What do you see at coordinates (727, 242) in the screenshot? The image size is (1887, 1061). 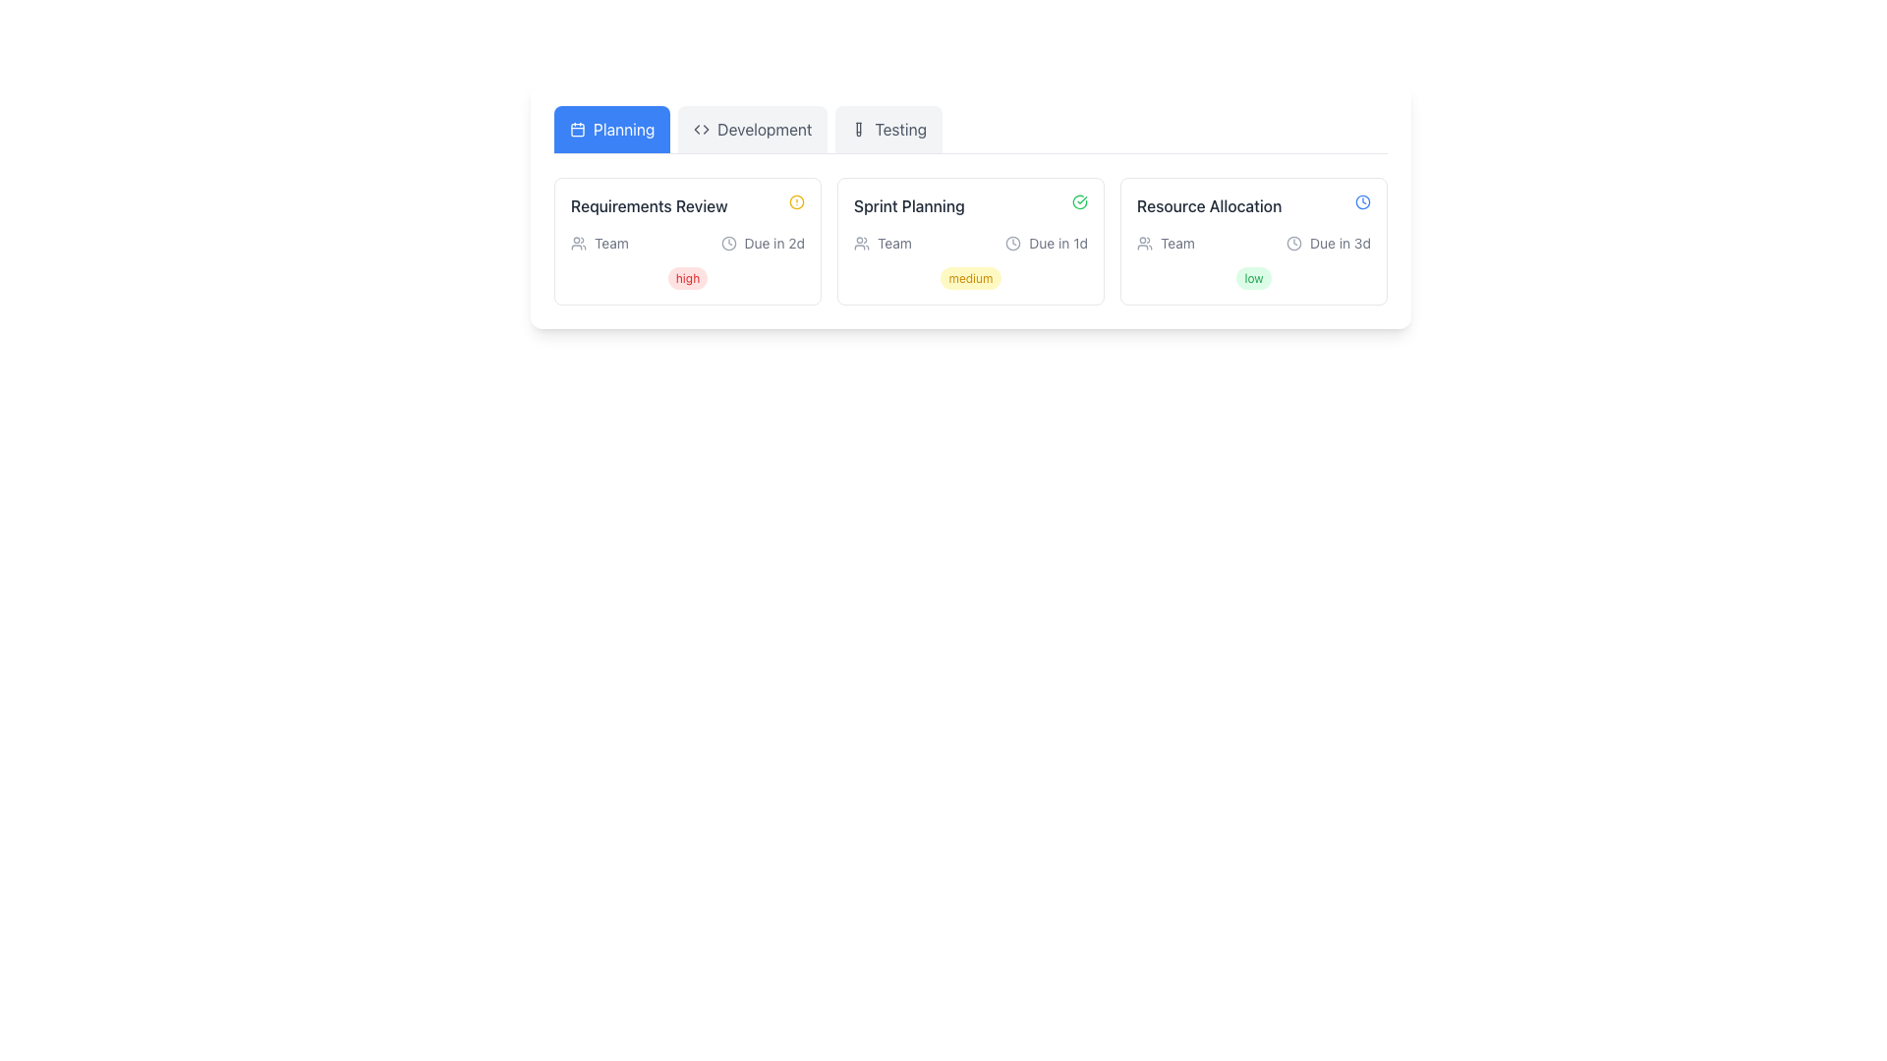 I see `the clock SVG icon that indicates time or due dates, located to the left of the text 'Due in 2d'` at bounding box center [727, 242].